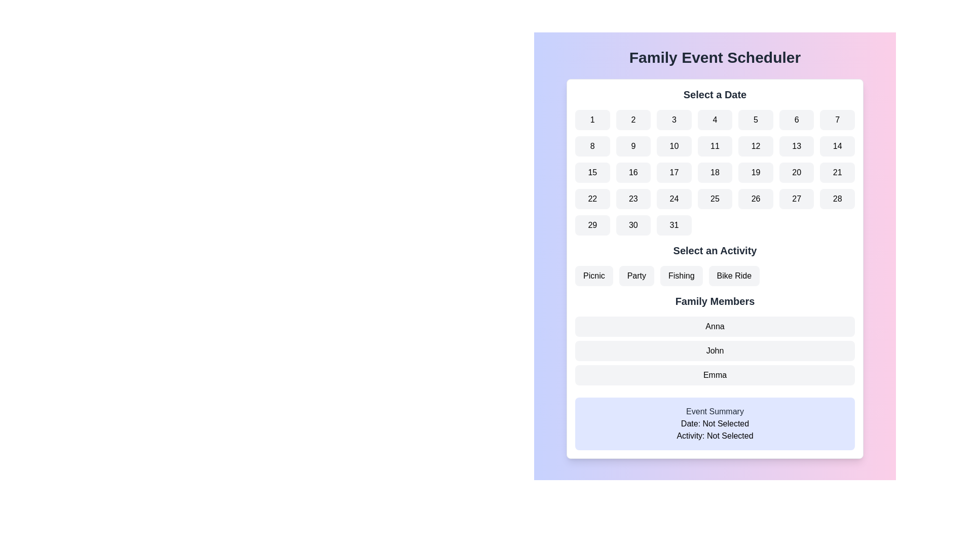 This screenshot has height=547, width=973. Describe the element at coordinates (594, 276) in the screenshot. I see `the first button in the horizontal group below the 'Select an Activity' heading` at that location.